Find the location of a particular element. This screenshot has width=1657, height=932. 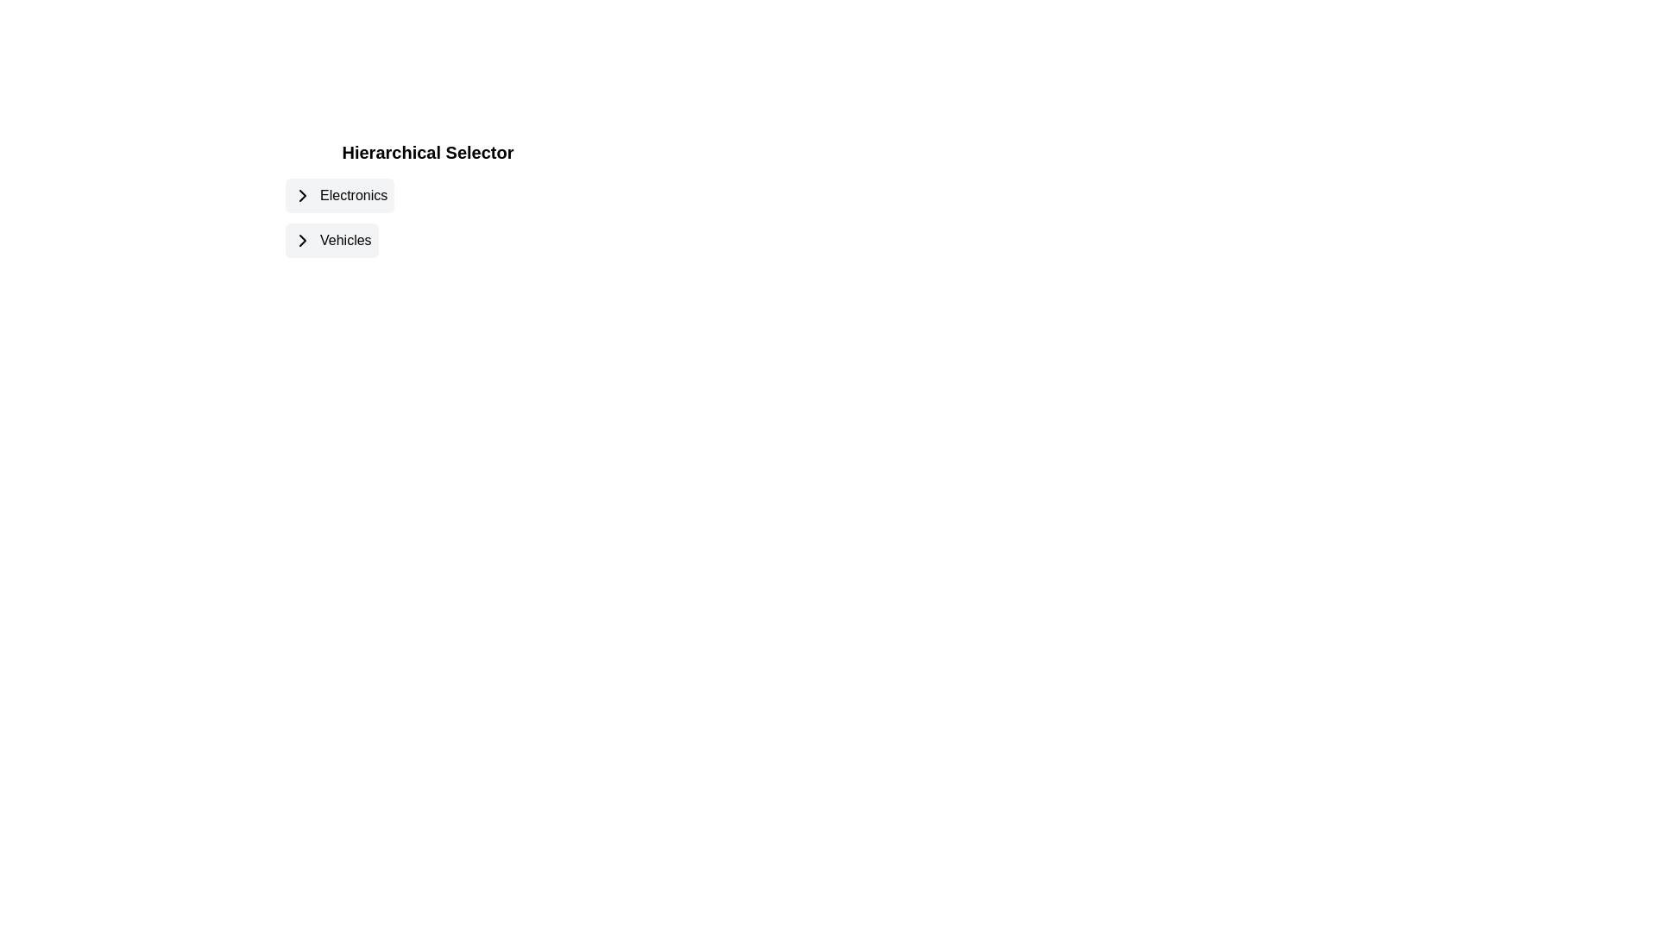

the small rightward-pointing chevron-shaped icon located to the left of the 'Electronics' text in the hierarchical selector UI is located at coordinates (302, 195).